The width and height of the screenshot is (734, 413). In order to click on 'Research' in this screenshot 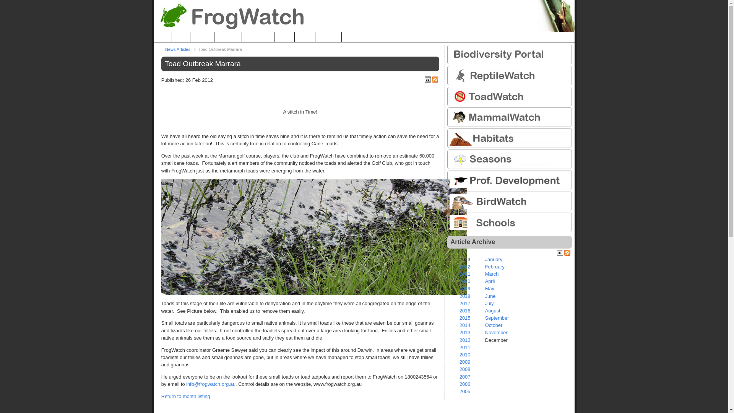, I will do `click(328, 37)`.